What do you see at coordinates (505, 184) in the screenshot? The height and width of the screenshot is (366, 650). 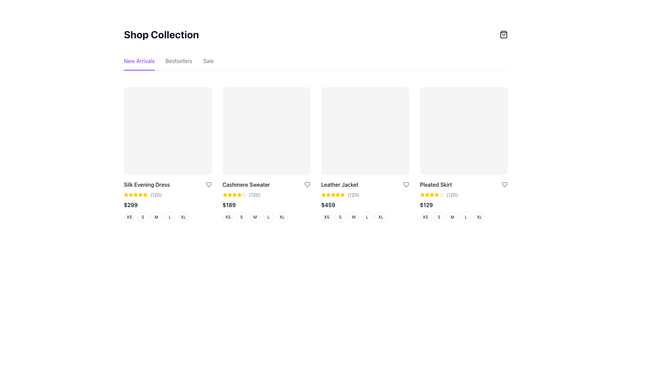 I see `the heart icon button located within the product card for the 'Pleated Skirt', positioned to the right of the item title and above the price details` at bounding box center [505, 184].